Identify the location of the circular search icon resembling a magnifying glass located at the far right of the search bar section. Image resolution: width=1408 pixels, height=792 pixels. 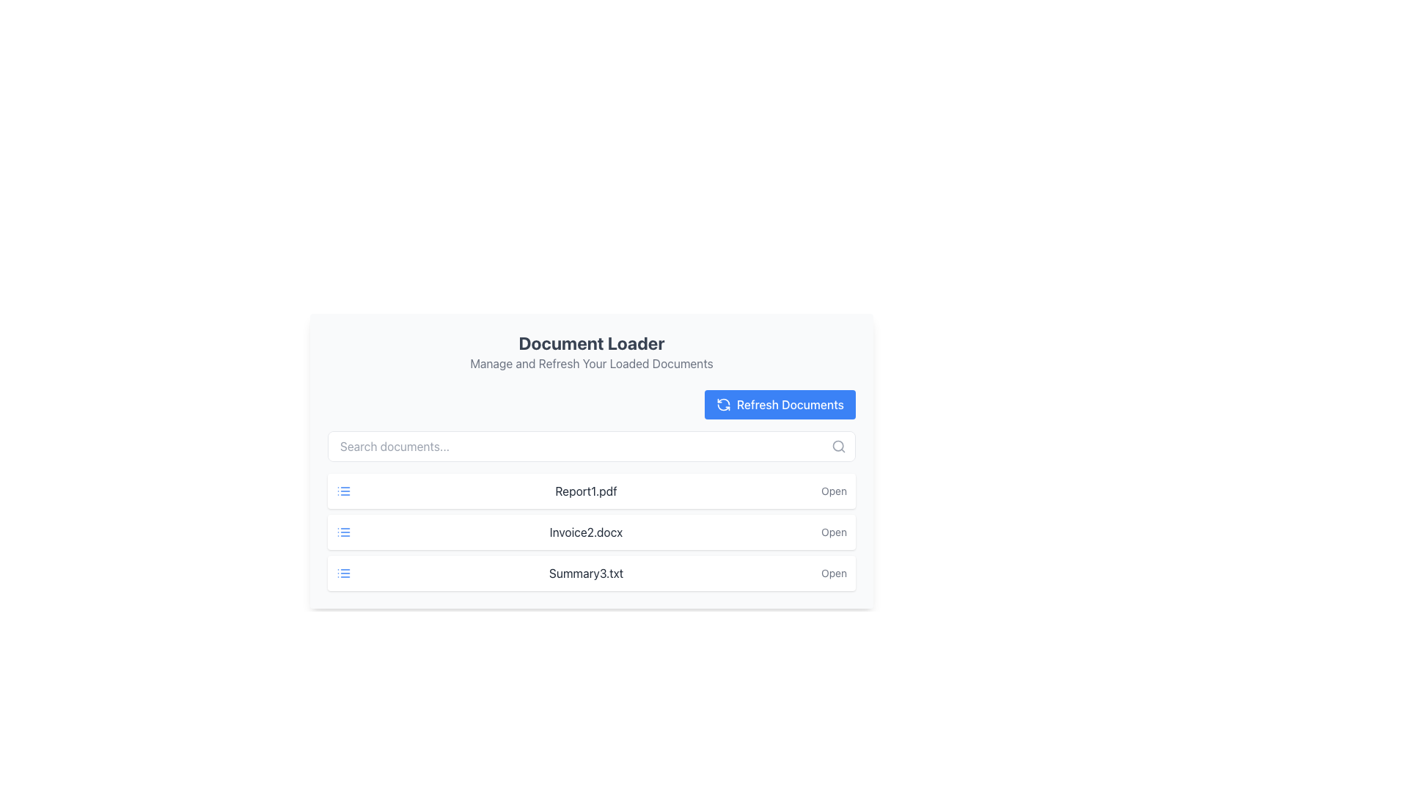
(838, 446).